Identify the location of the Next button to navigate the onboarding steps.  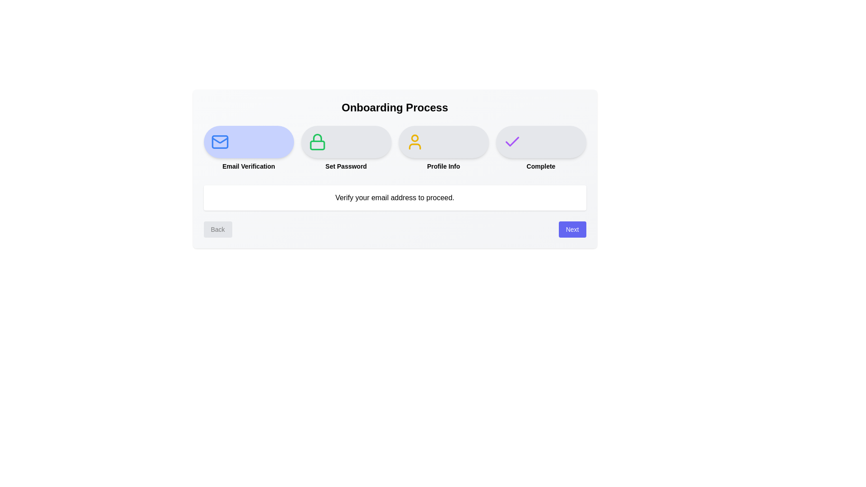
(571, 229).